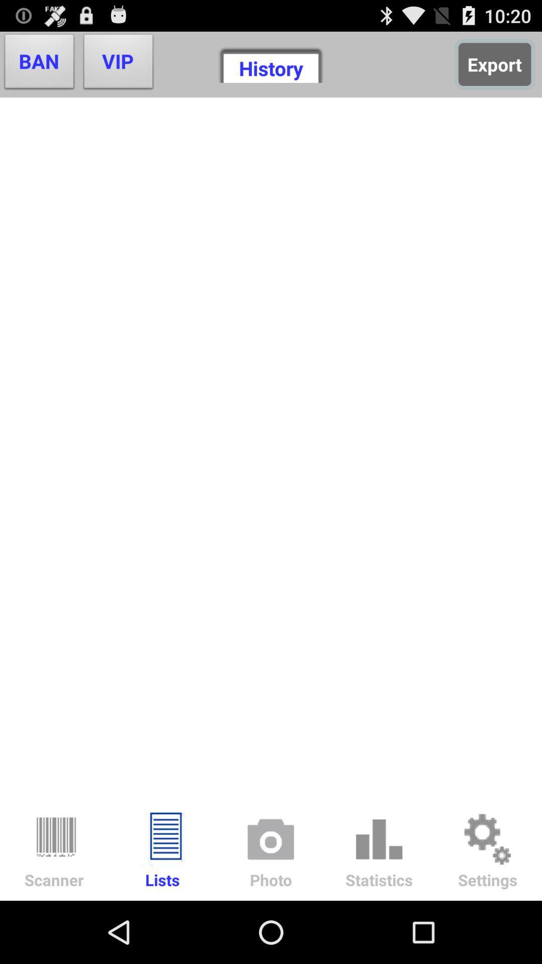 The image size is (542, 964). What do you see at coordinates (39, 64) in the screenshot?
I see `ban button` at bounding box center [39, 64].